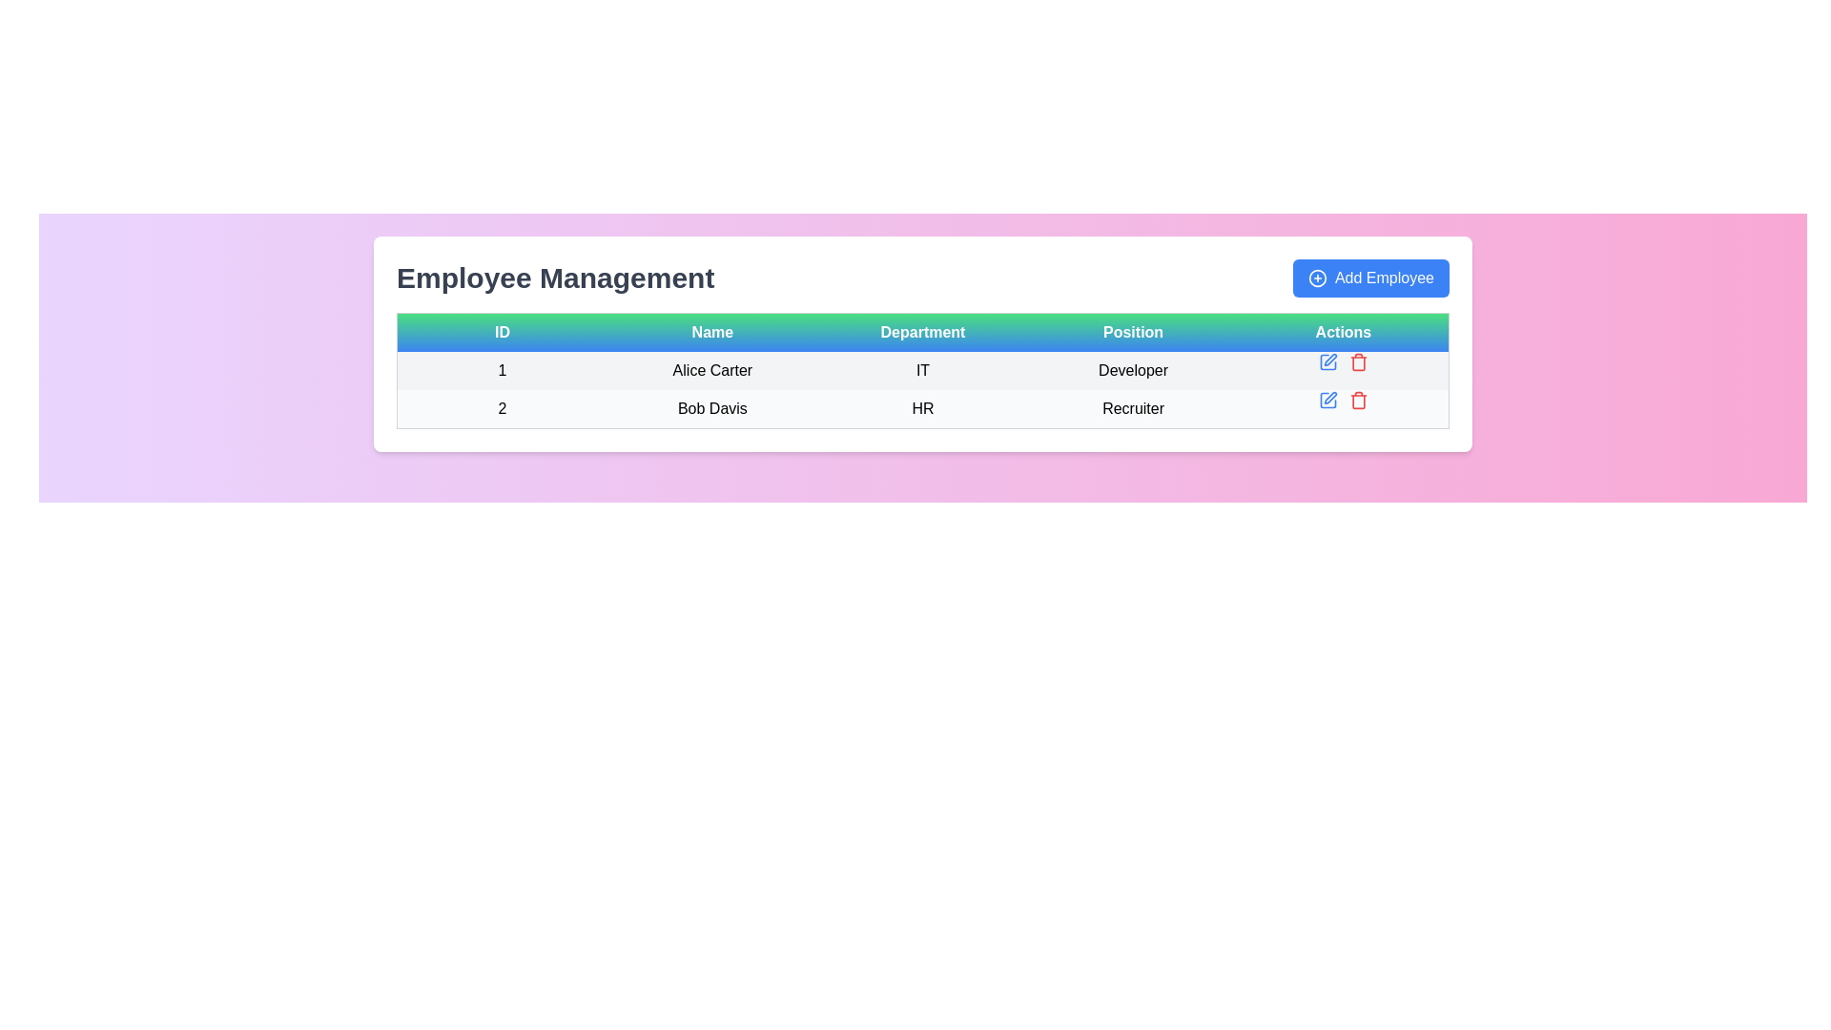 This screenshot has height=1030, width=1831. Describe the element at coordinates (711, 408) in the screenshot. I see `the text label displaying 'Bob Davis' which is located in the second row of the 'Employee Management' table under the 'Name' column` at that location.